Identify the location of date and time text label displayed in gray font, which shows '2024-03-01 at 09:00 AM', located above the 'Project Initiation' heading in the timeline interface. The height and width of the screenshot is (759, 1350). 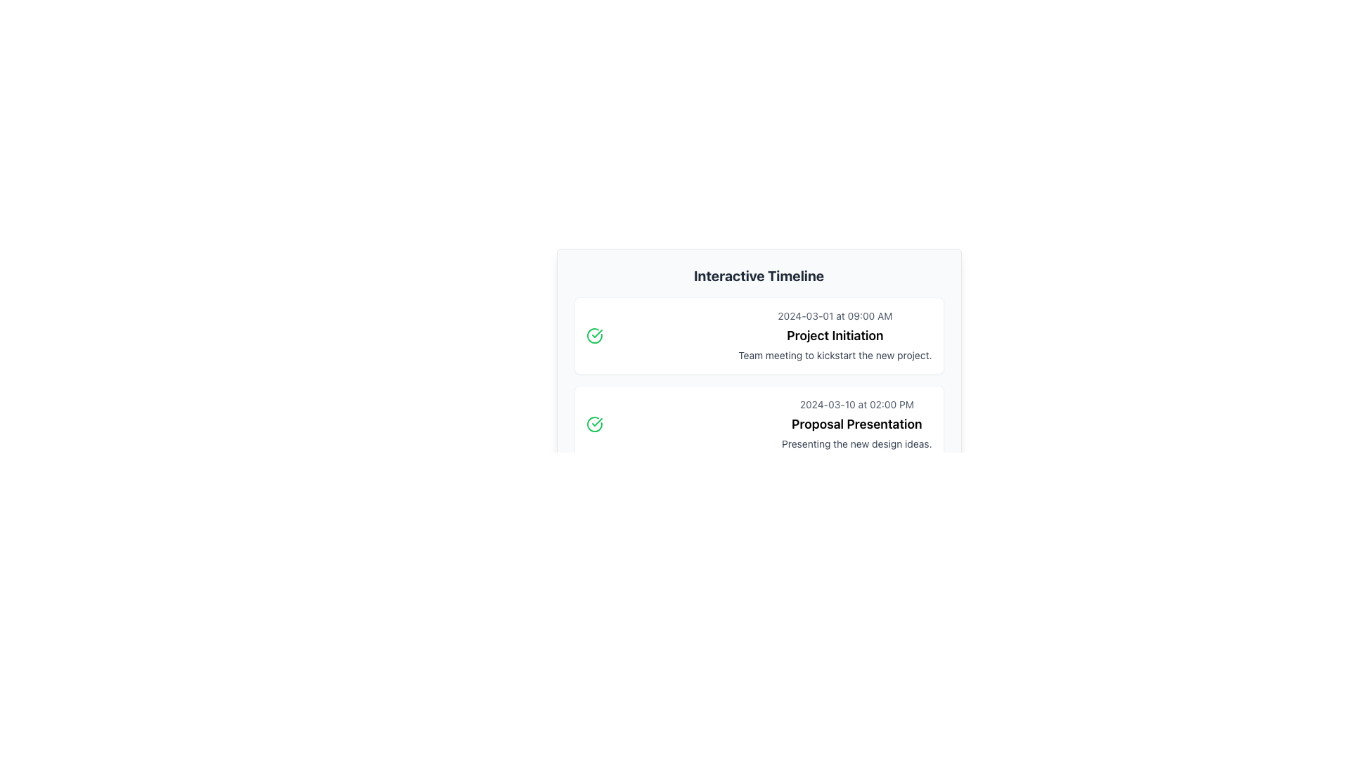
(835, 316).